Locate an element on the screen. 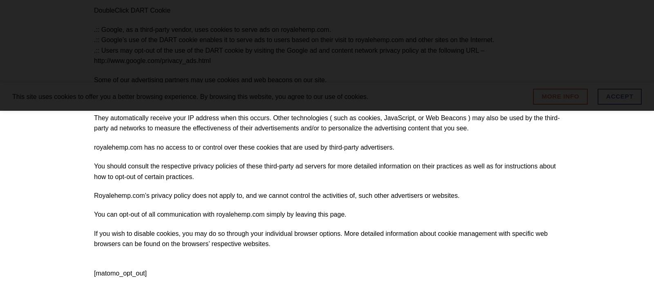 Image resolution: width=654 pixels, height=298 pixels. 'DoubleClick DART Cookie' is located at coordinates (94, 10).